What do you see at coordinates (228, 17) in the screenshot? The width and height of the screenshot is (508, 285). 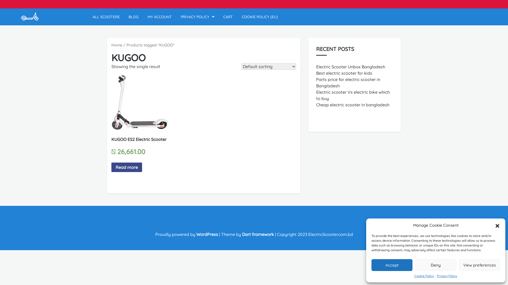 I see `'CART'` at bounding box center [228, 17].